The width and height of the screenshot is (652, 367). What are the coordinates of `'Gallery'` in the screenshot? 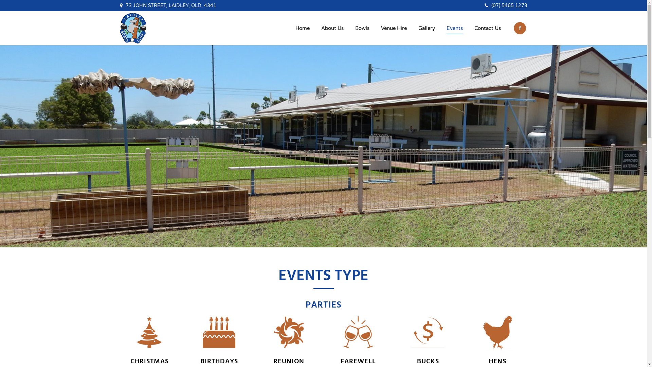 It's located at (426, 28).